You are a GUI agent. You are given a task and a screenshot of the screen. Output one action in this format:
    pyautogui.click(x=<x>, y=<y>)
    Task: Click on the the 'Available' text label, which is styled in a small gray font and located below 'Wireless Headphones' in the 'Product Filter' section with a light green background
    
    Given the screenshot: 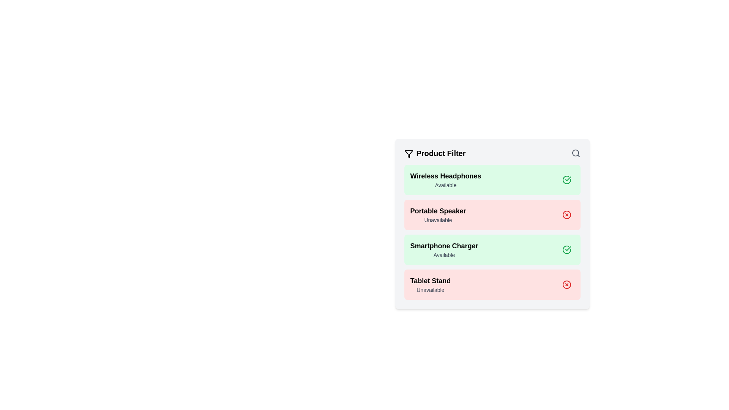 What is the action you would take?
    pyautogui.click(x=445, y=185)
    